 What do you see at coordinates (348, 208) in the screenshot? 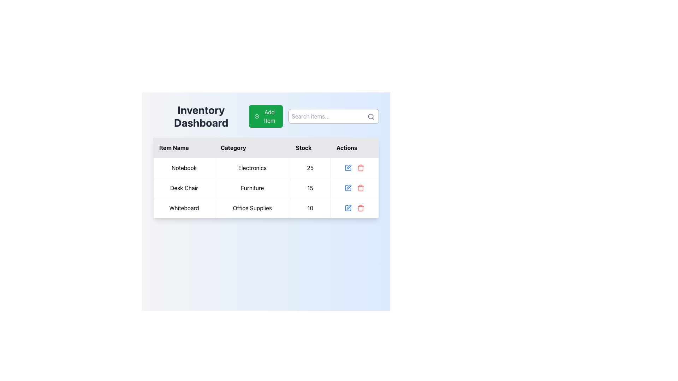
I see `the edit icon in the 'Actions' column of the third row of the table to initiate editing` at bounding box center [348, 208].